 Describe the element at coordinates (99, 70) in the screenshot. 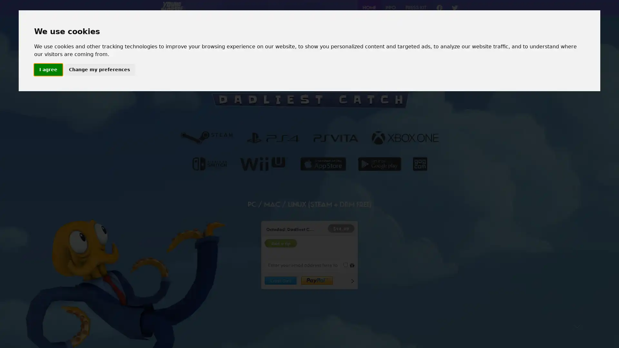

I see `Change my preferences` at that location.